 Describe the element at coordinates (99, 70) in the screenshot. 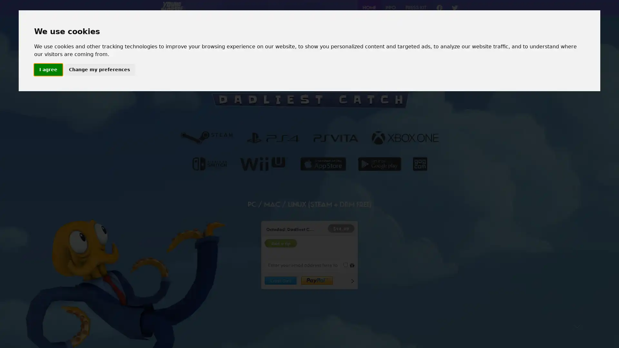

I see `Change my preferences` at that location.